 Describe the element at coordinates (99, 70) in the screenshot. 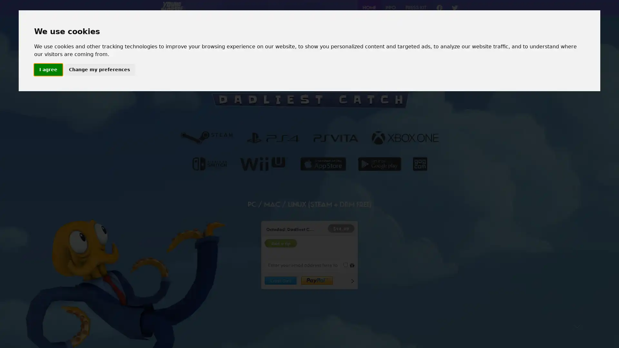

I see `Change my preferences` at that location.